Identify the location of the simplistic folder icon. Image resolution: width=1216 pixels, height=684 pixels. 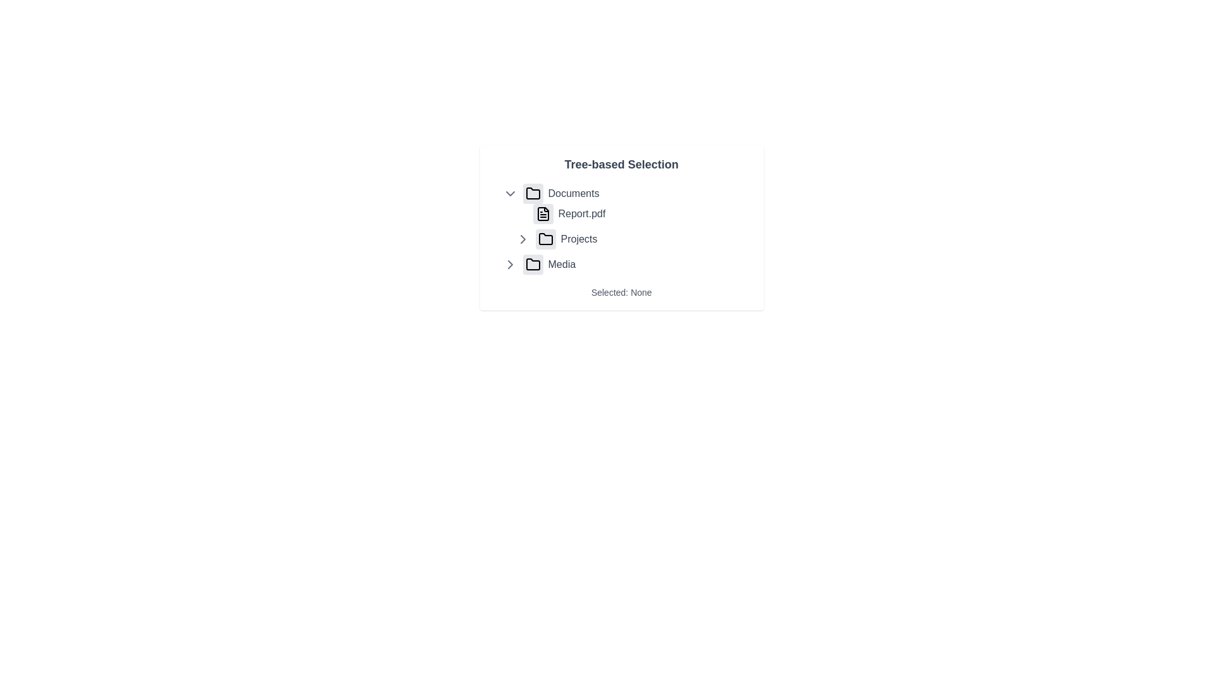
(533, 193).